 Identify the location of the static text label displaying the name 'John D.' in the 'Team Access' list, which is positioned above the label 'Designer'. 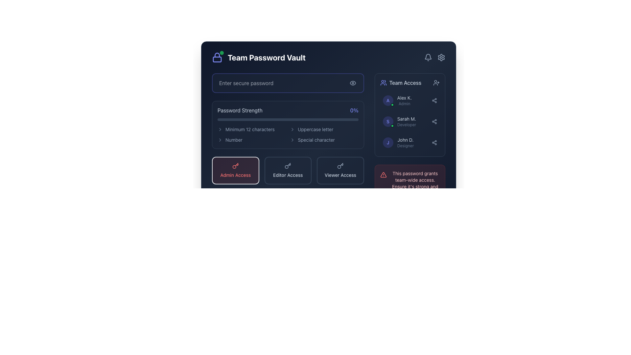
(405, 139).